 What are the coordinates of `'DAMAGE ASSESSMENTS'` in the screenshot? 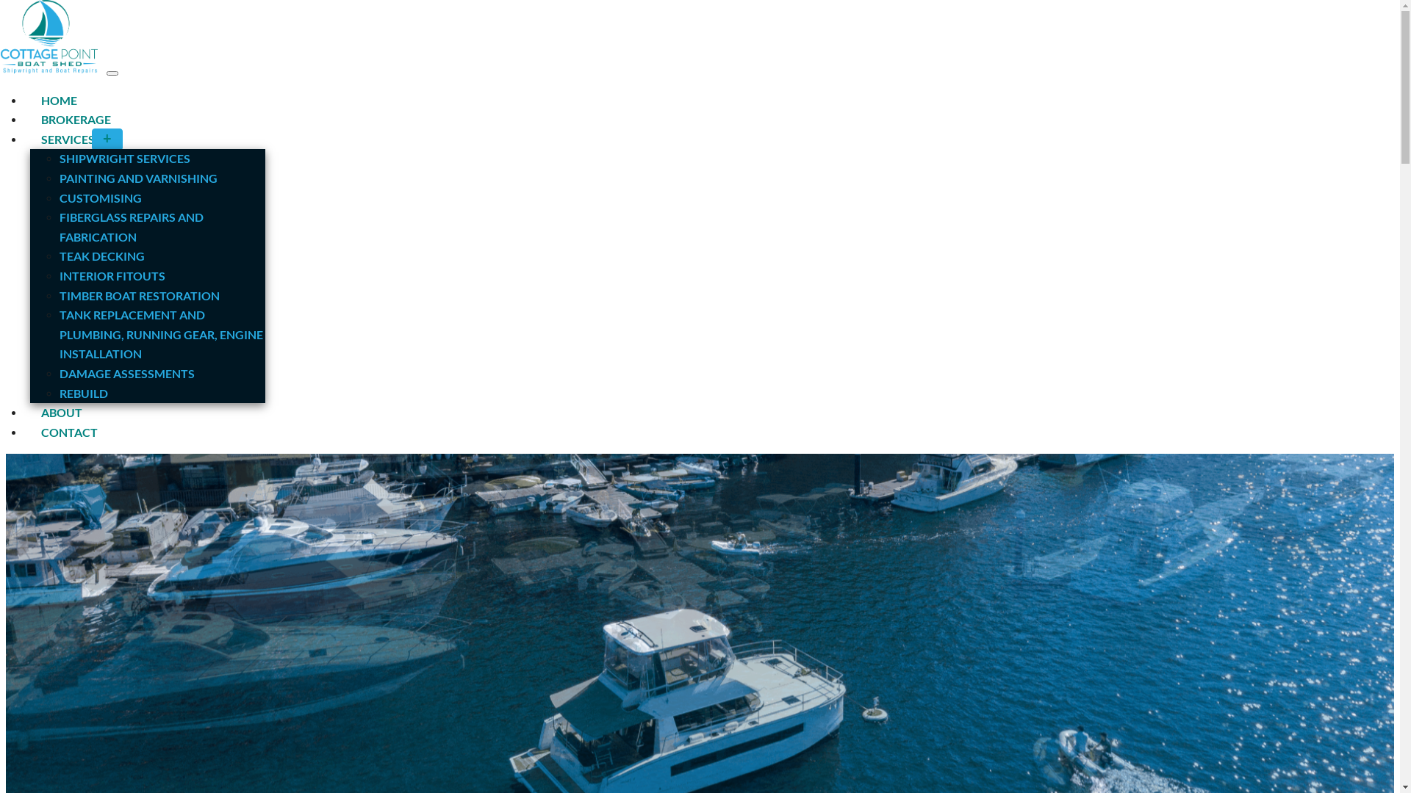 It's located at (59, 372).